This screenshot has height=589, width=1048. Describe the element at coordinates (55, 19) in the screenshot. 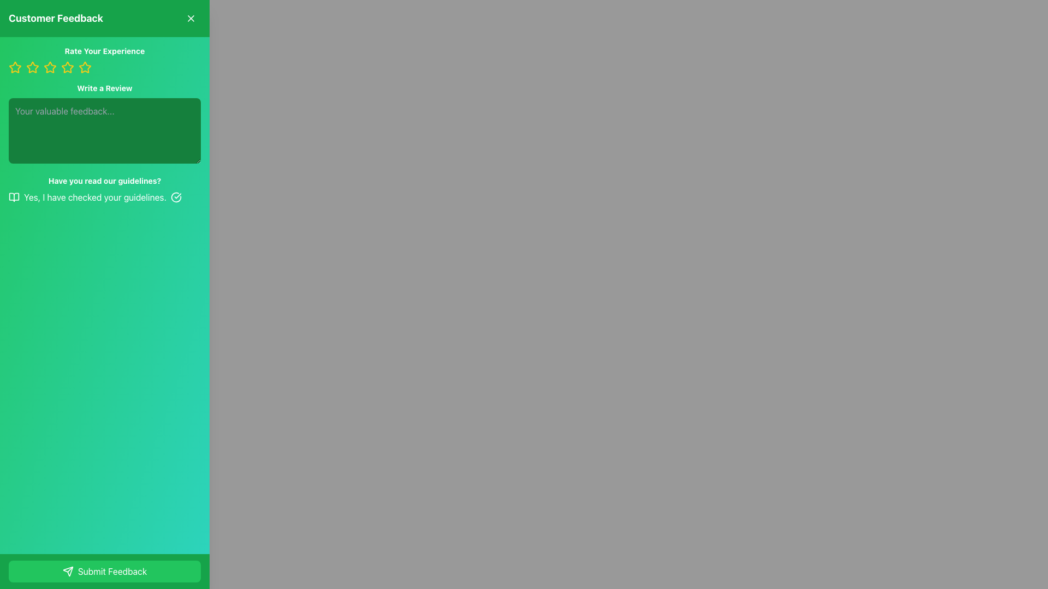

I see `Textual Header located on the top-left side of the green horizontal bar, which indicates the purpose of the feedback section` at that location.